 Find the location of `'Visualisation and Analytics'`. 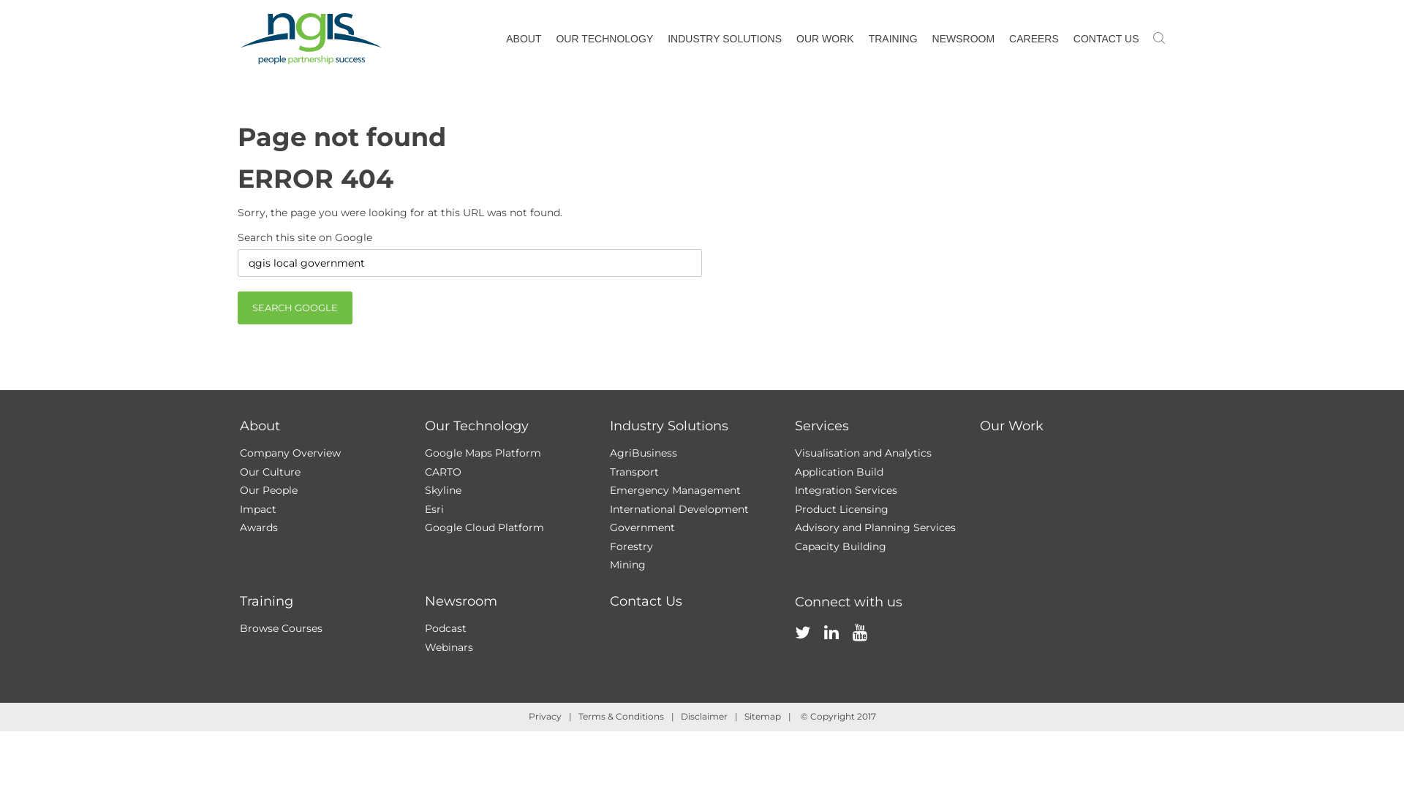

'Visualisation and Analytics' is located at coordinates (862, 452).